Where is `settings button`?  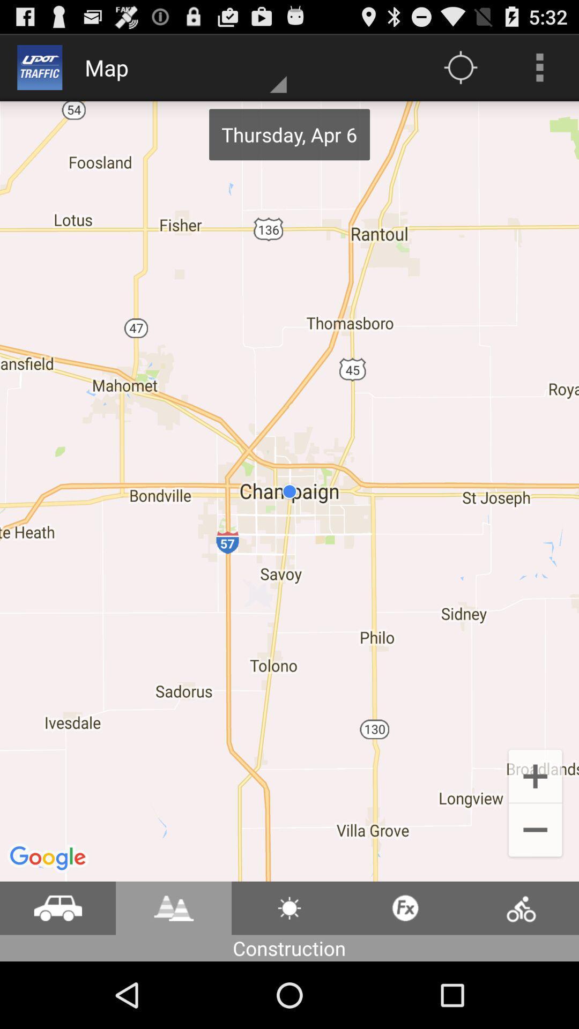 settings button is located at coordinates (289, 907).